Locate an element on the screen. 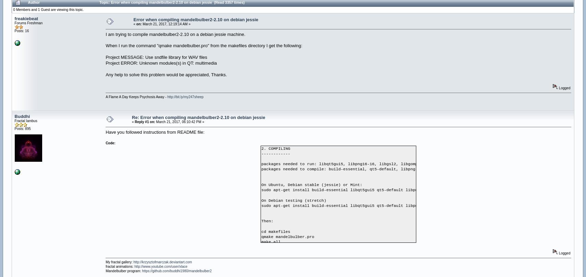 The width and height of the screenshot is (586, 277). 'cd ..' is located at coordinates (267, 247).